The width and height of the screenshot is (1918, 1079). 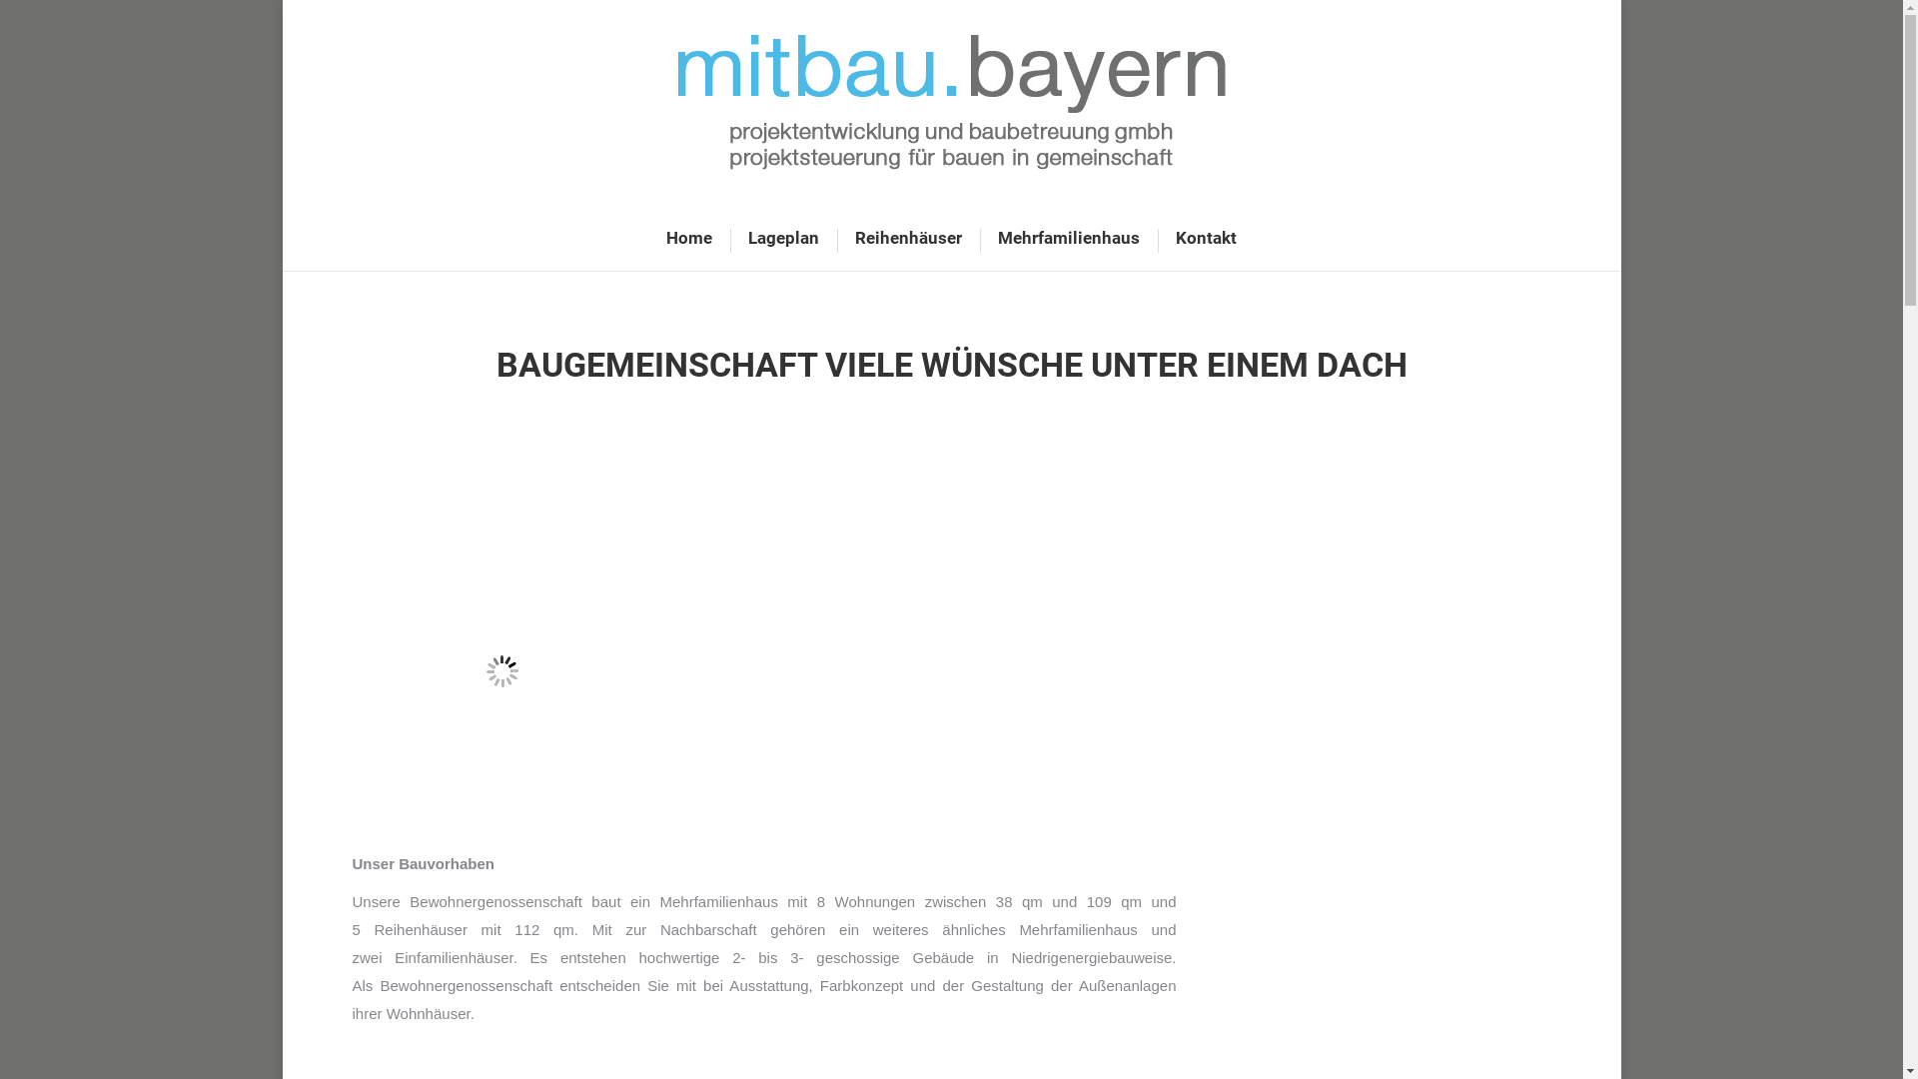 What do you see at coordinates (782, 237) in the screenshot?
I see `'Lageplan'` at bounding box center [782, 237].